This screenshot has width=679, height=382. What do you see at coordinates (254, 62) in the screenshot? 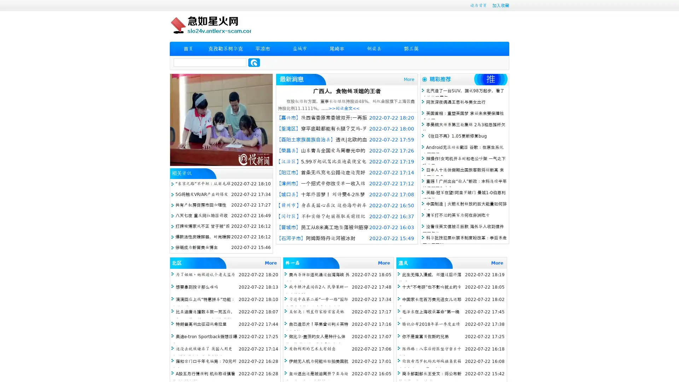
I see `Search` at bounding box center [254, 62].